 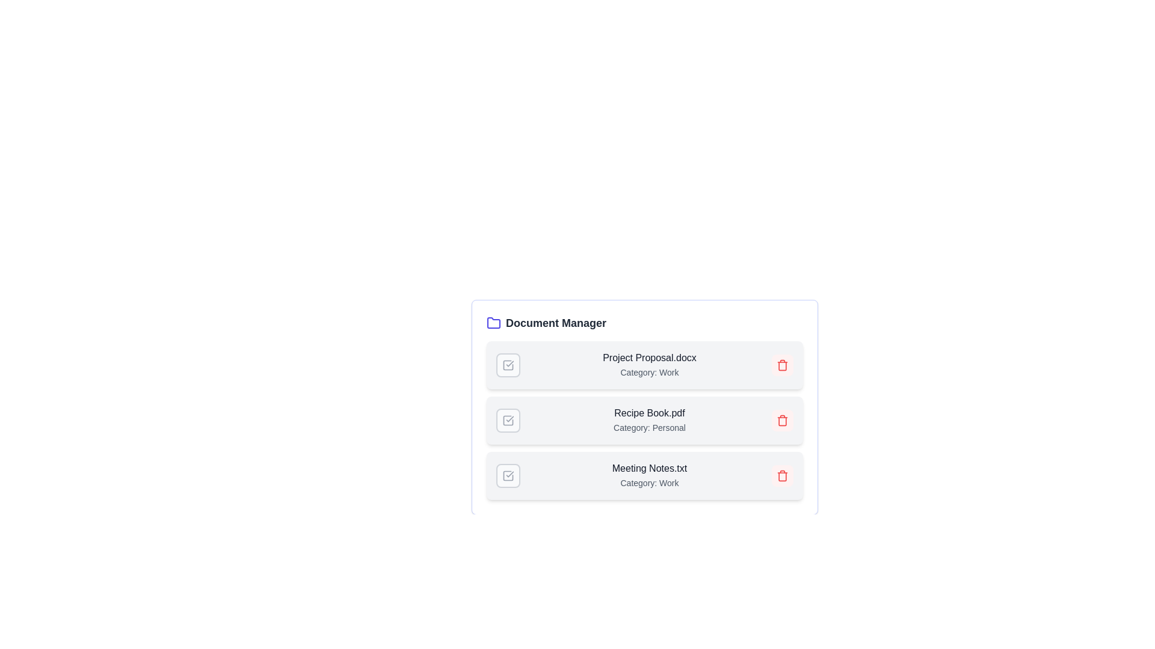 I want to click on folder icon located at the top-left side of the 'Document Manager' section, above the gray document item cards for informational purposes, so click(x=493, y=322).